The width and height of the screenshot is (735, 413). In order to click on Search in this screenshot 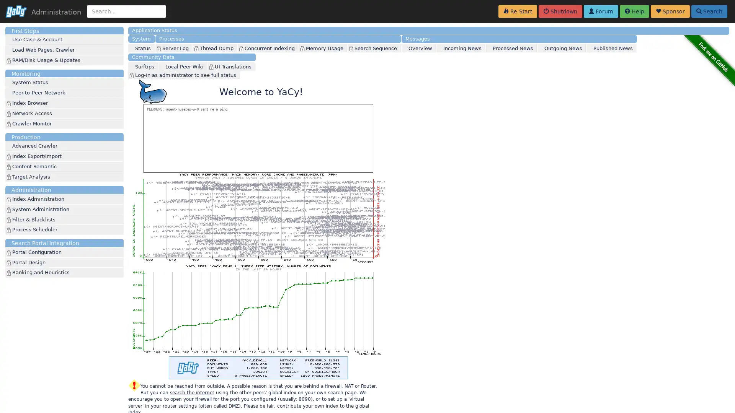, I will do `click(709, 11)`.